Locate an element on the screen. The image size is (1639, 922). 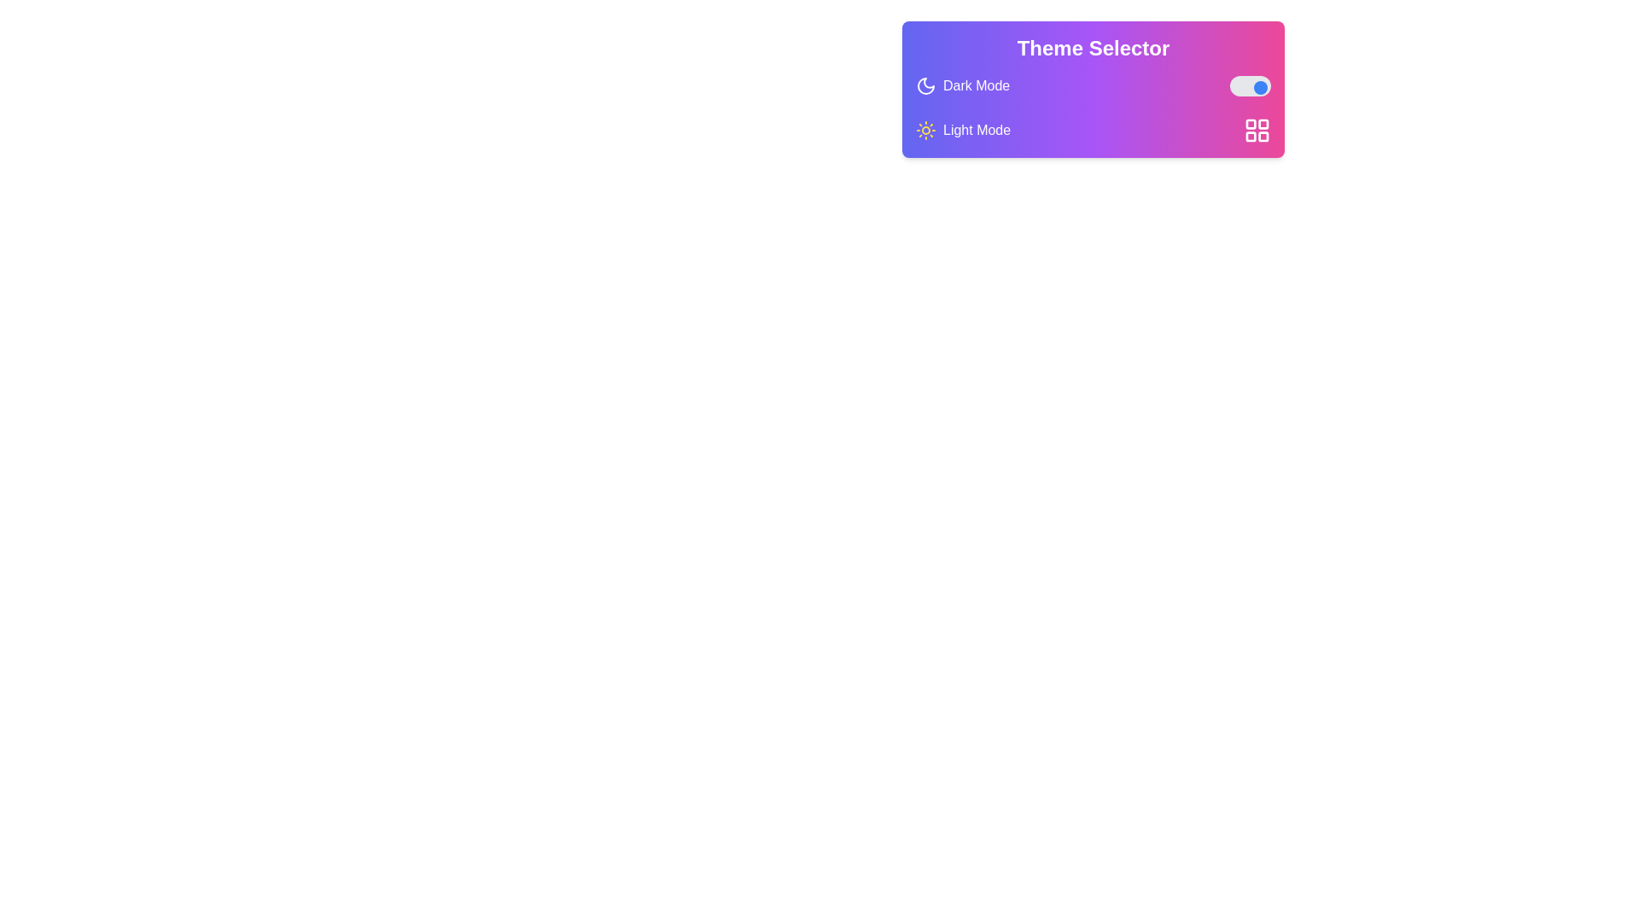
the yellow sun icon located to the left of the 'Light Mode' text within the 'Theme Selector' section is located at coordinates (924, 130).